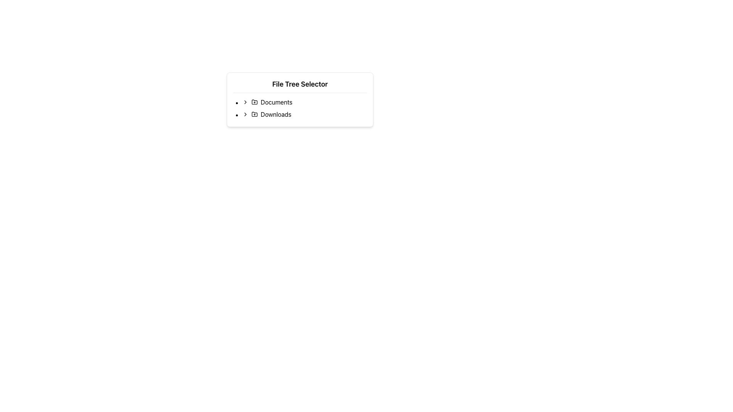  I want to click on the 'add folder' icon located in the 'Downloads' section of the file tree interface, which is the second icon from the left next to a rightward arrow icon, so click(255, 114).